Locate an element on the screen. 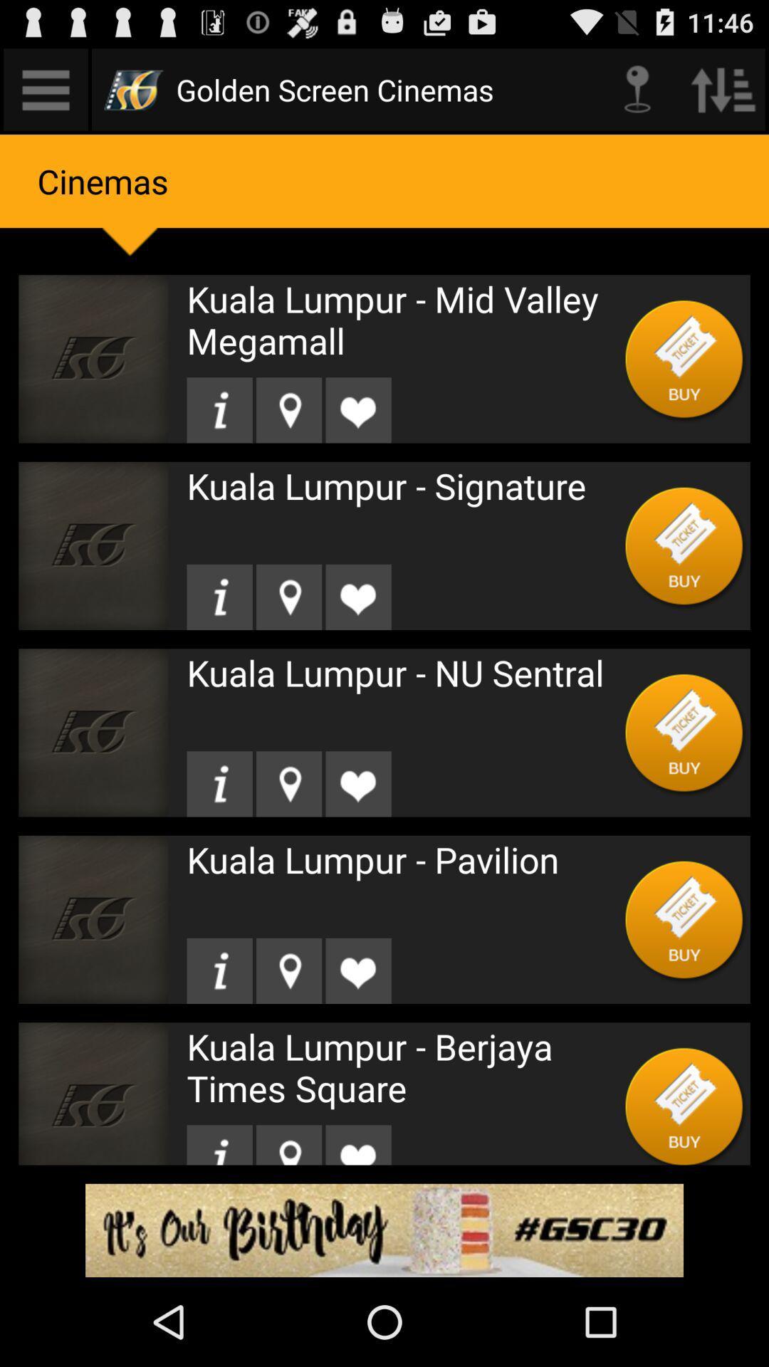  favorite is located at coordinates (357, 597).